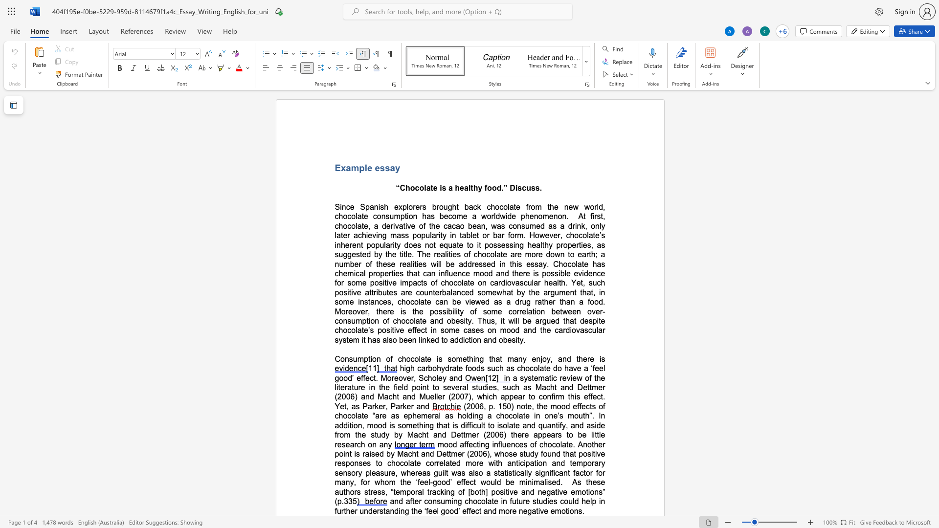 Image resolution: width=939 pixels, height=528 pixels. What do you see at coordinates (553, 283) in the screenshot?
I see `the space between the continuous character "e" and "a" in the text` at bounding box center [553, 283].